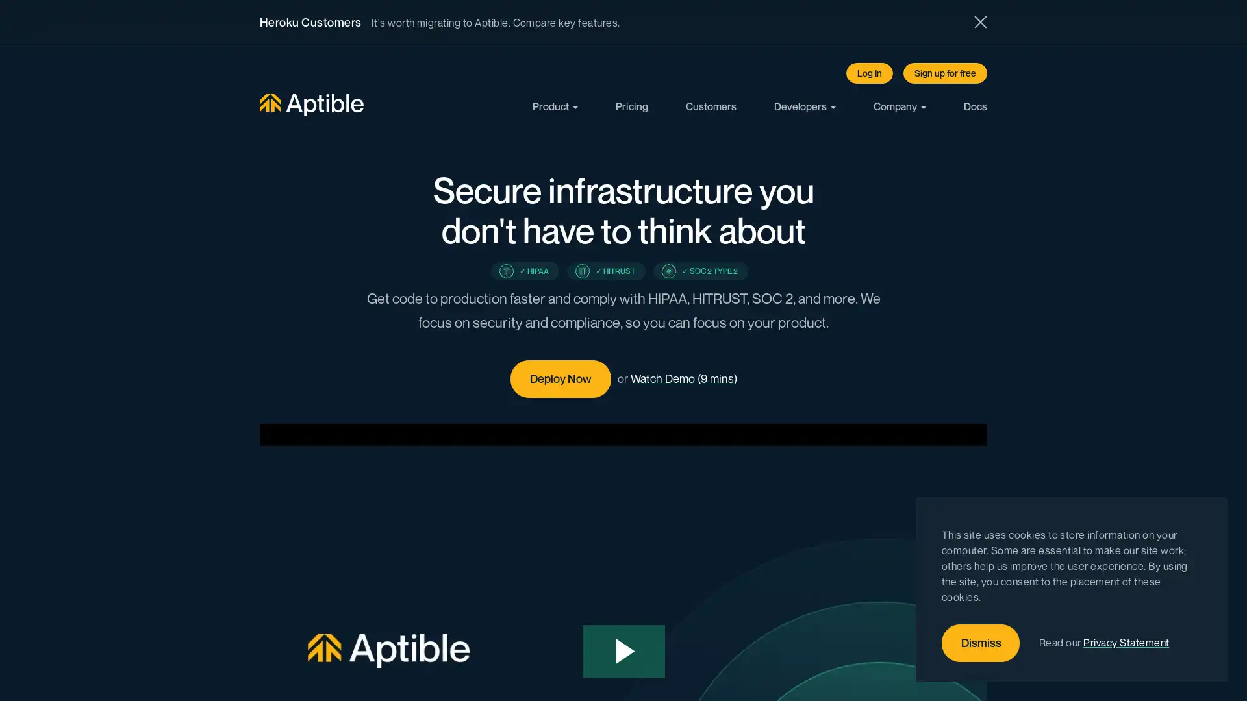  What do you see at coordinates (945, 73) in the screenshot?
I see `Sign up for free` at bounding box center [945, 73].